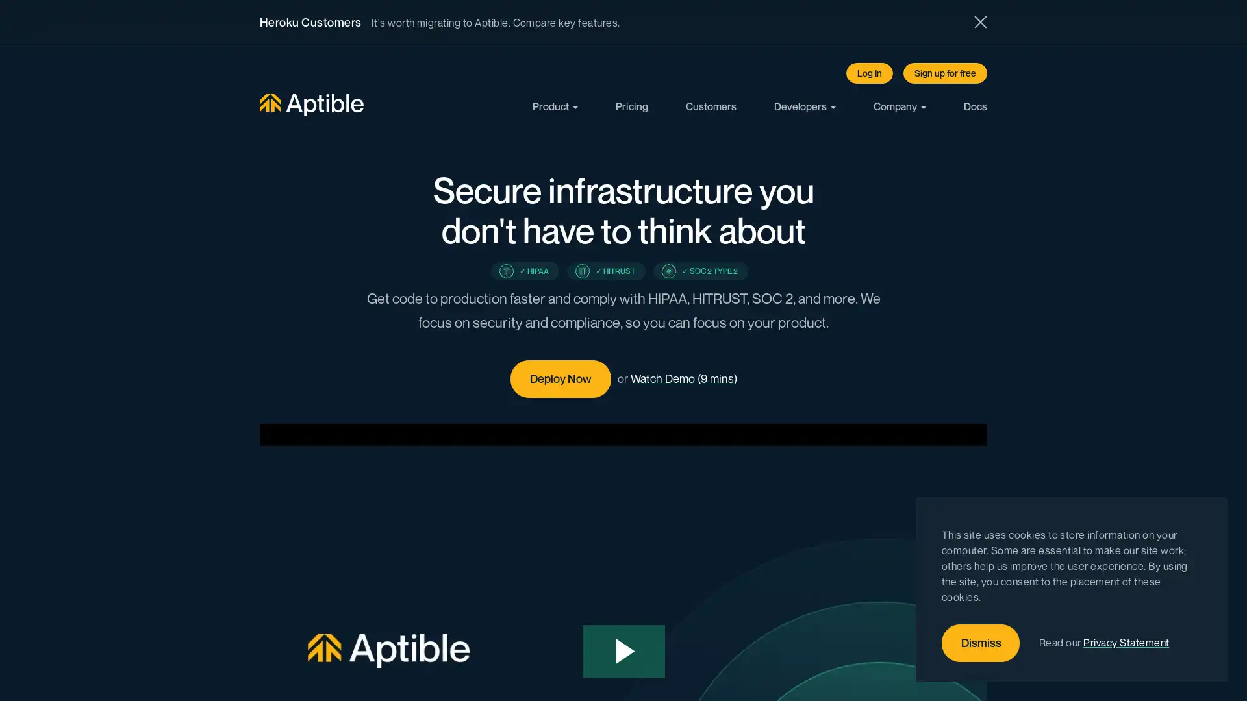  What do you see at coordinates (945, 73) in the screenshot?
I see `Sign up for free` at bounding box center [945, 73].